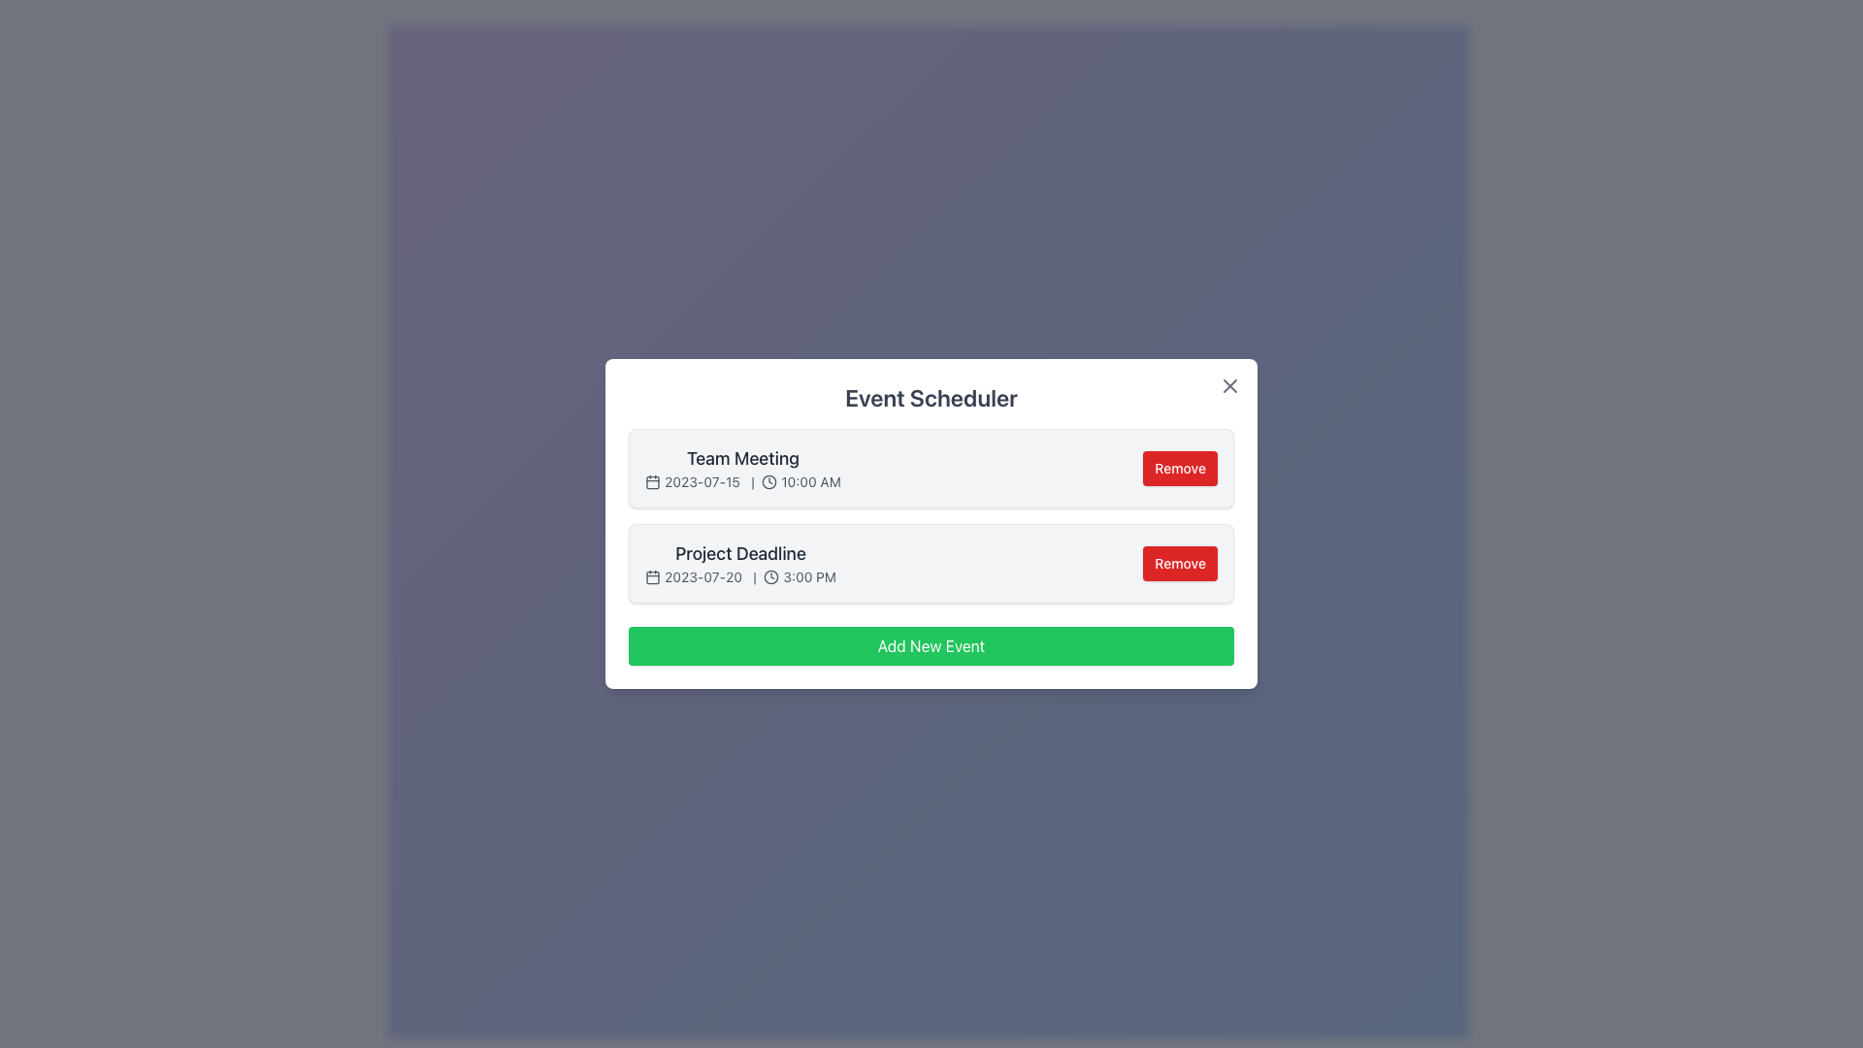 The image size is (1863, 1048). I want to click on the button to remove the event labeled 'Project Deadline' from the schedule, positioned in the bottom row of the modal dialog, so click(1179, 564).